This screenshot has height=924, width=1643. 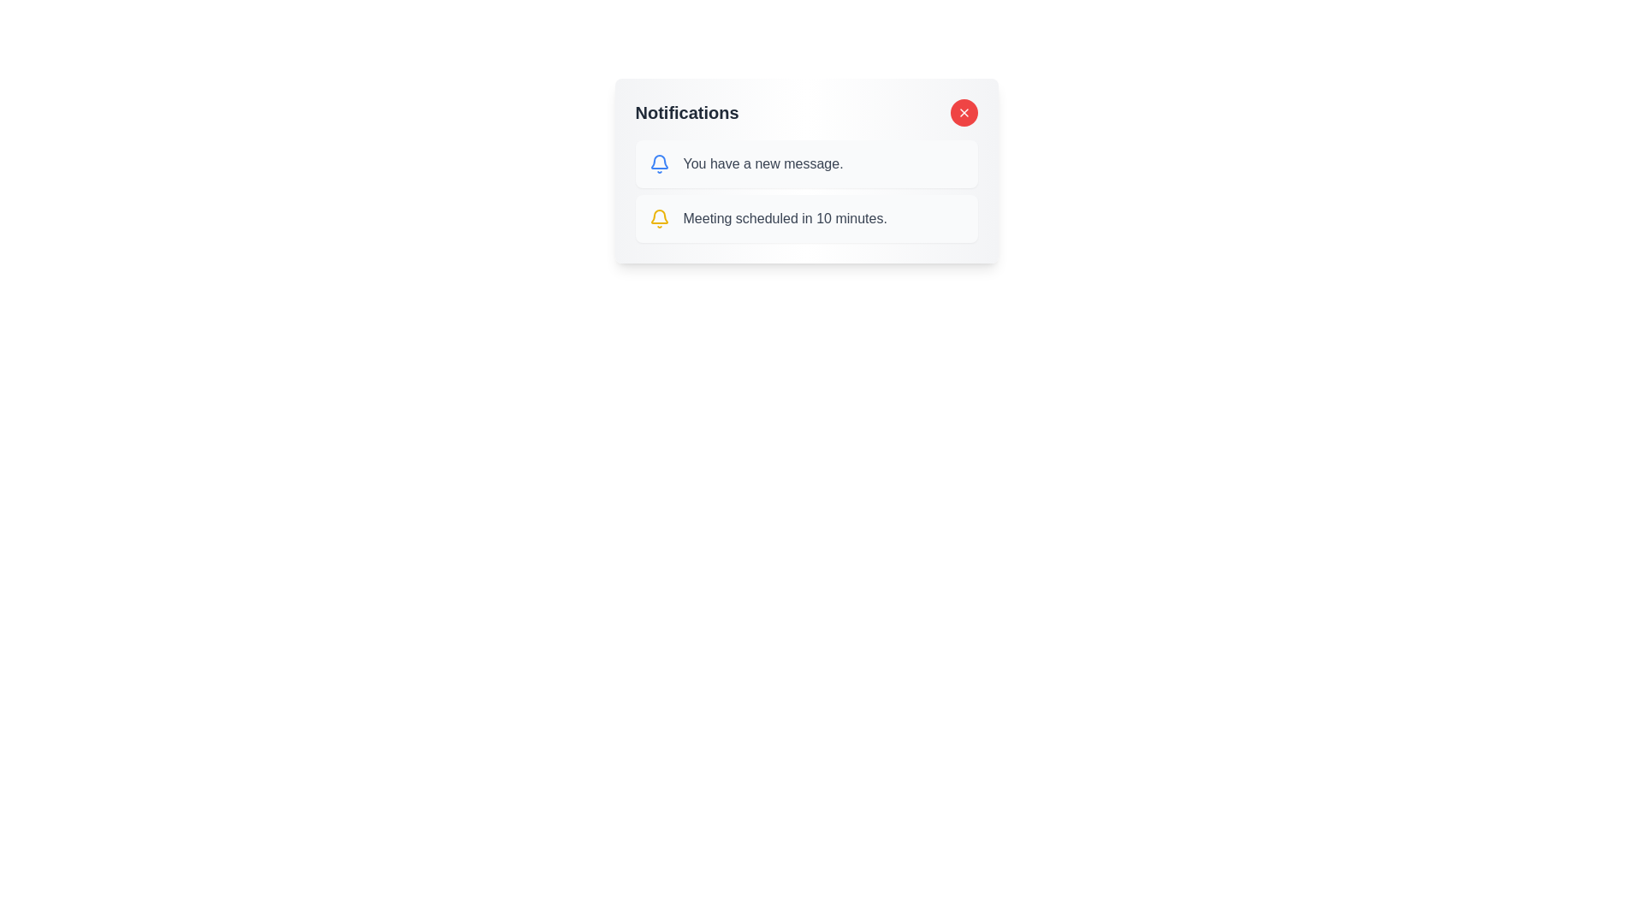 I want to click on the second notification card in the 'Notifications' section that communicates a meeting scheduled in 10 minutes, so click(x=805, y=217).